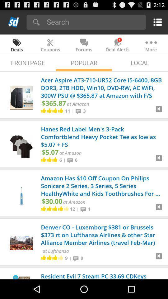  I want to click on click forward option, so click(159, 111).